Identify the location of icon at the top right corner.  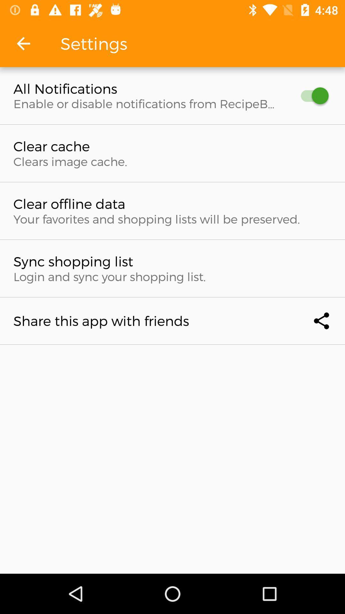
(311, 95).